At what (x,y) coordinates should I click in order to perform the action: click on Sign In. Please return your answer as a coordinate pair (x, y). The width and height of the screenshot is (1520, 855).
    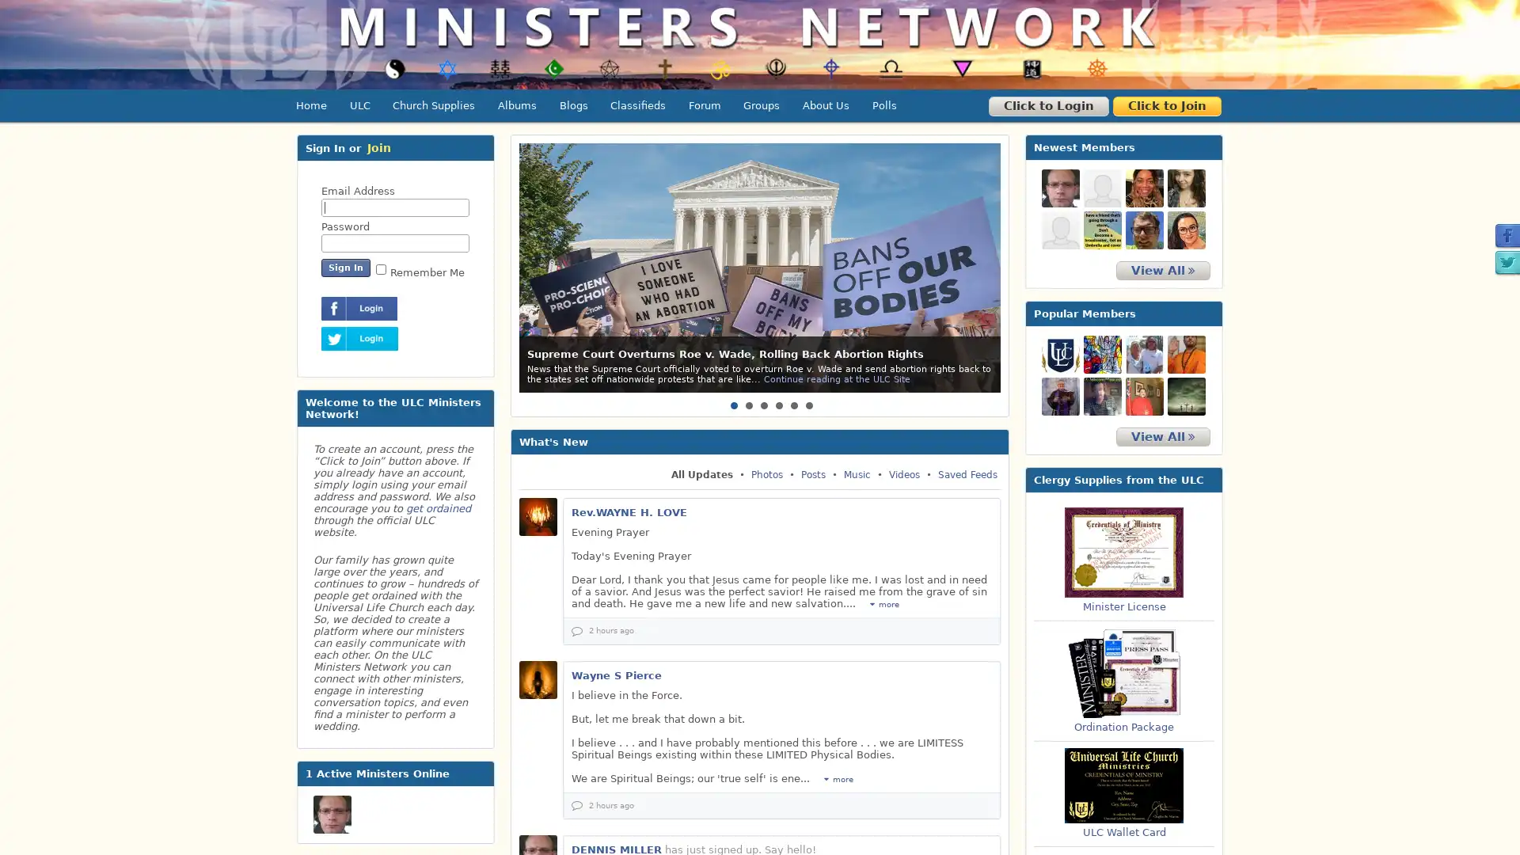
    Looking at the image, I should click on (344, 267).